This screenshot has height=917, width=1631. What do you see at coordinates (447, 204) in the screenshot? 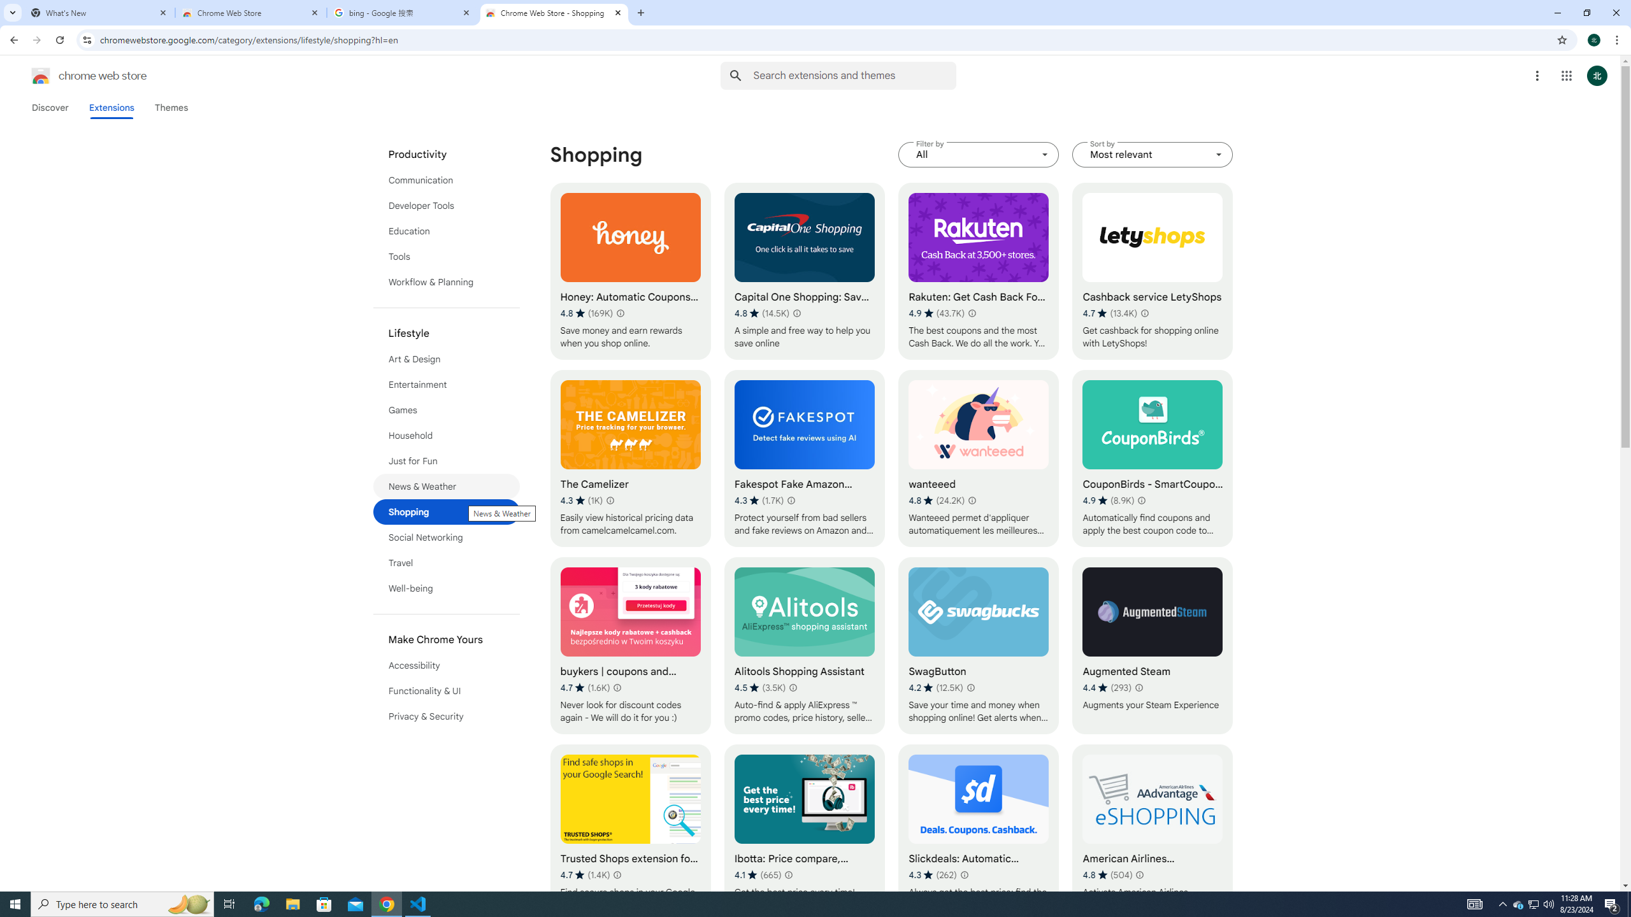
I see `'Developer Tools'` at bounding box center [447, 204].